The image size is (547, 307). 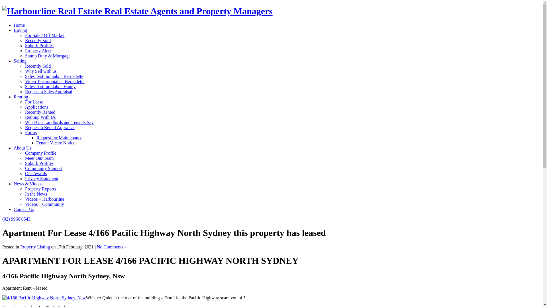 What do you see at coordinates (40, 153) in the screenshot?
I see `'Company Profile'` at bounding box center [40, 153].